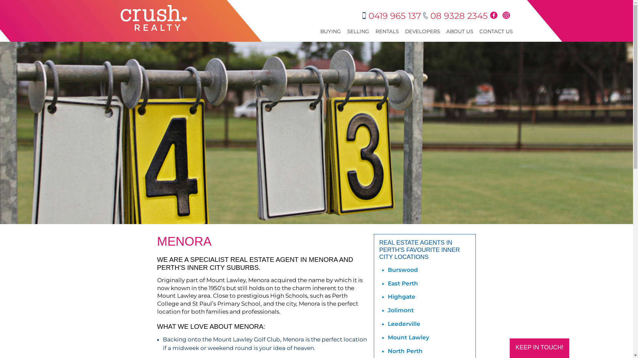  What do you see at coordinates (400, 310) in the screenshot?
I see `'Jolimont'` at bounding box center [400, 310].